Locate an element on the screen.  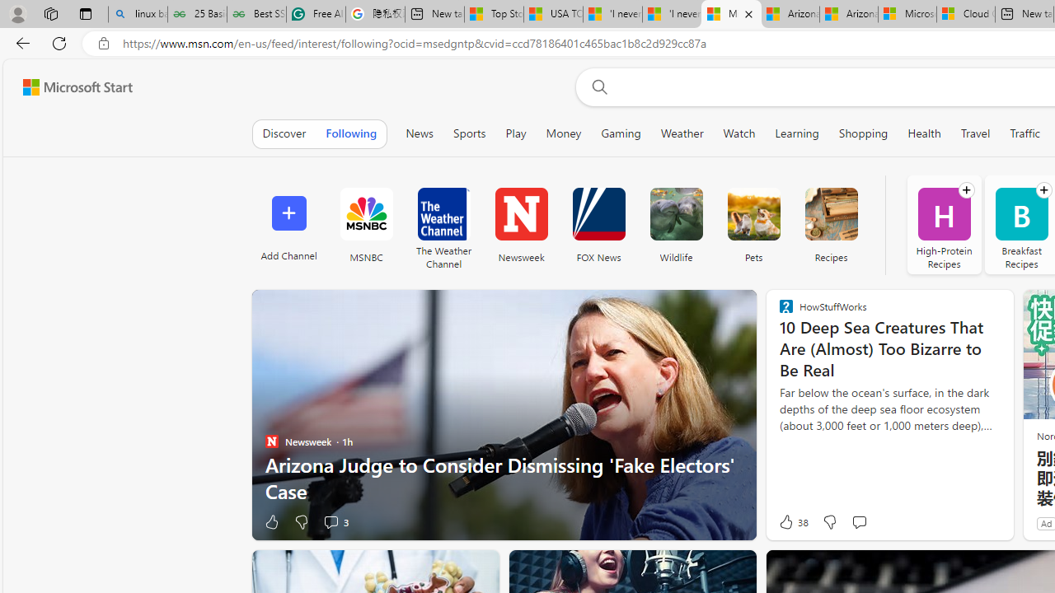
'Free AI Writing Assistance for Students | Grammarly' is located at coordinates (316, 14).